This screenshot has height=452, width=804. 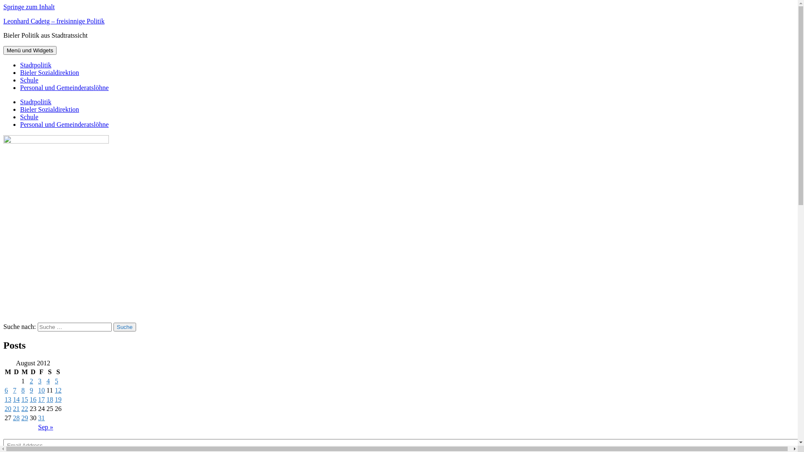 I want to click on 'Stadtpolitik', so click(x=20, y=101).